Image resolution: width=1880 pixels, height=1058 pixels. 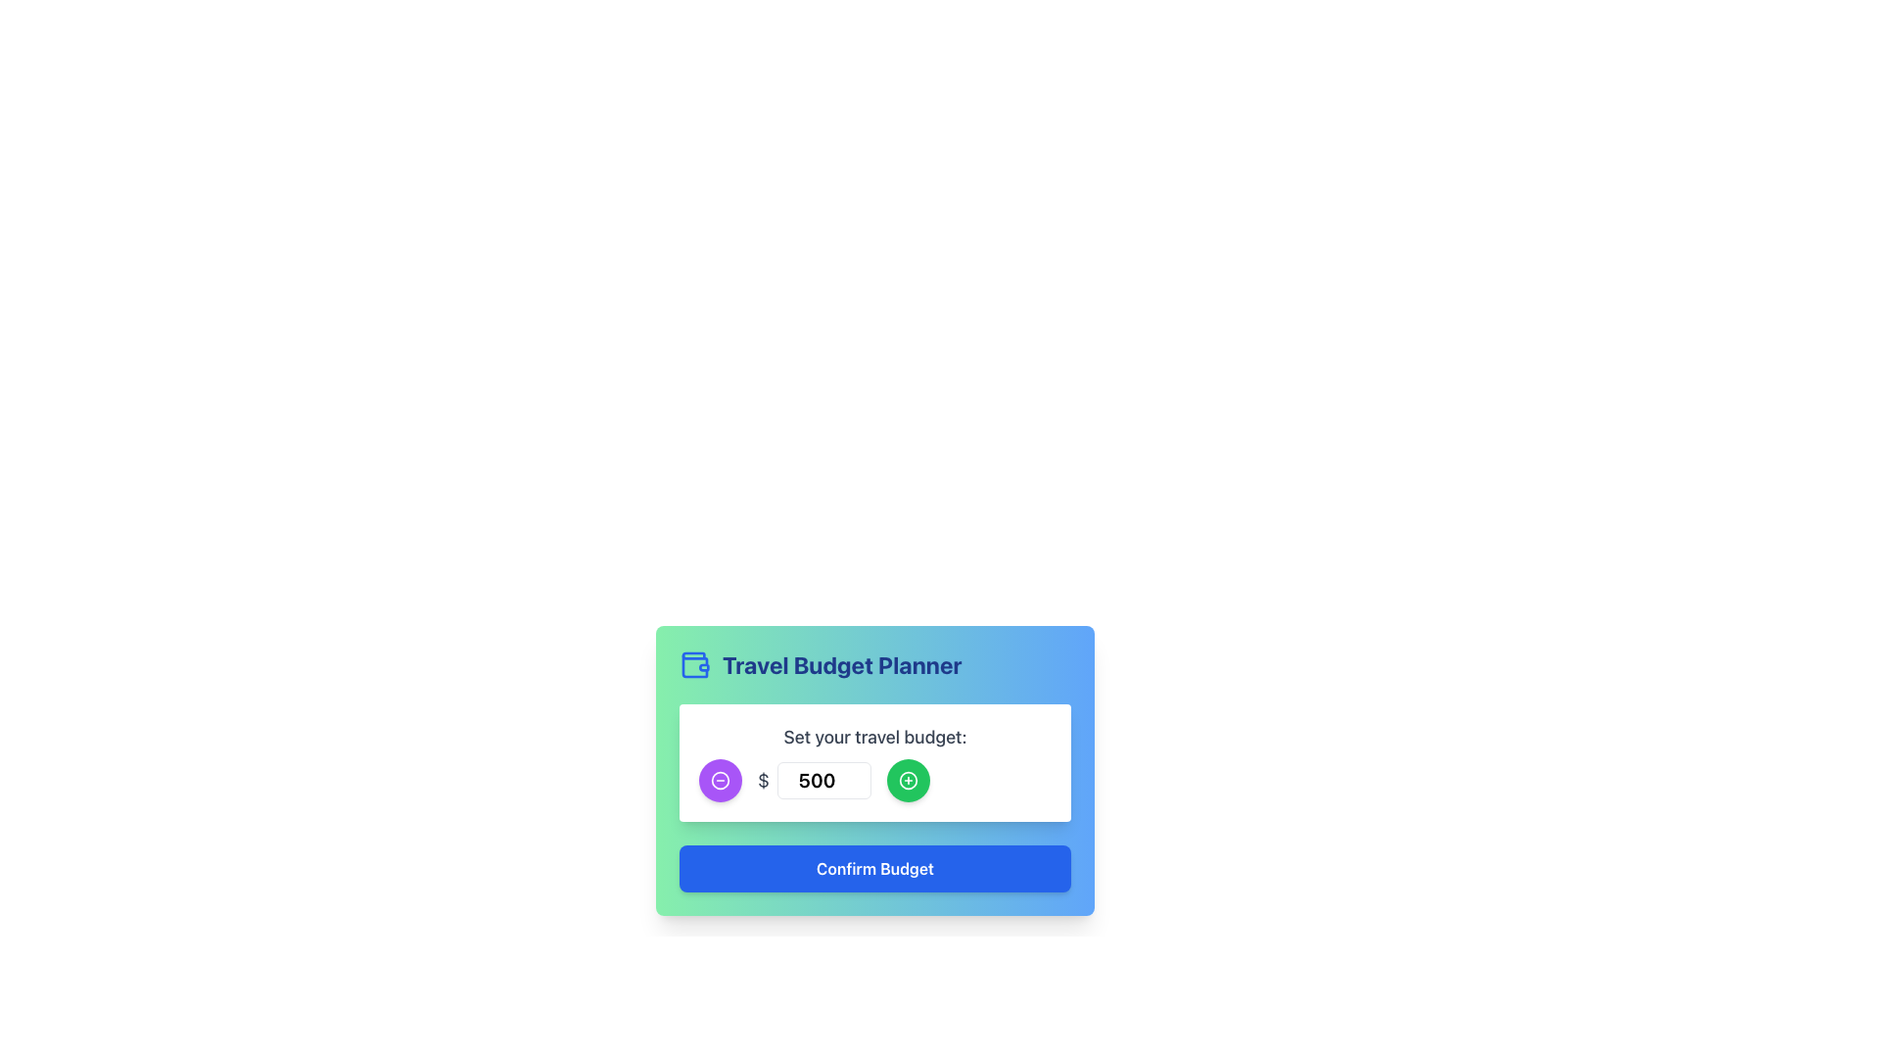 I want to click on the wallet icon representing budgeting in the Travel Budget Planner header section if it is interactive, so click(x=695, y=663).